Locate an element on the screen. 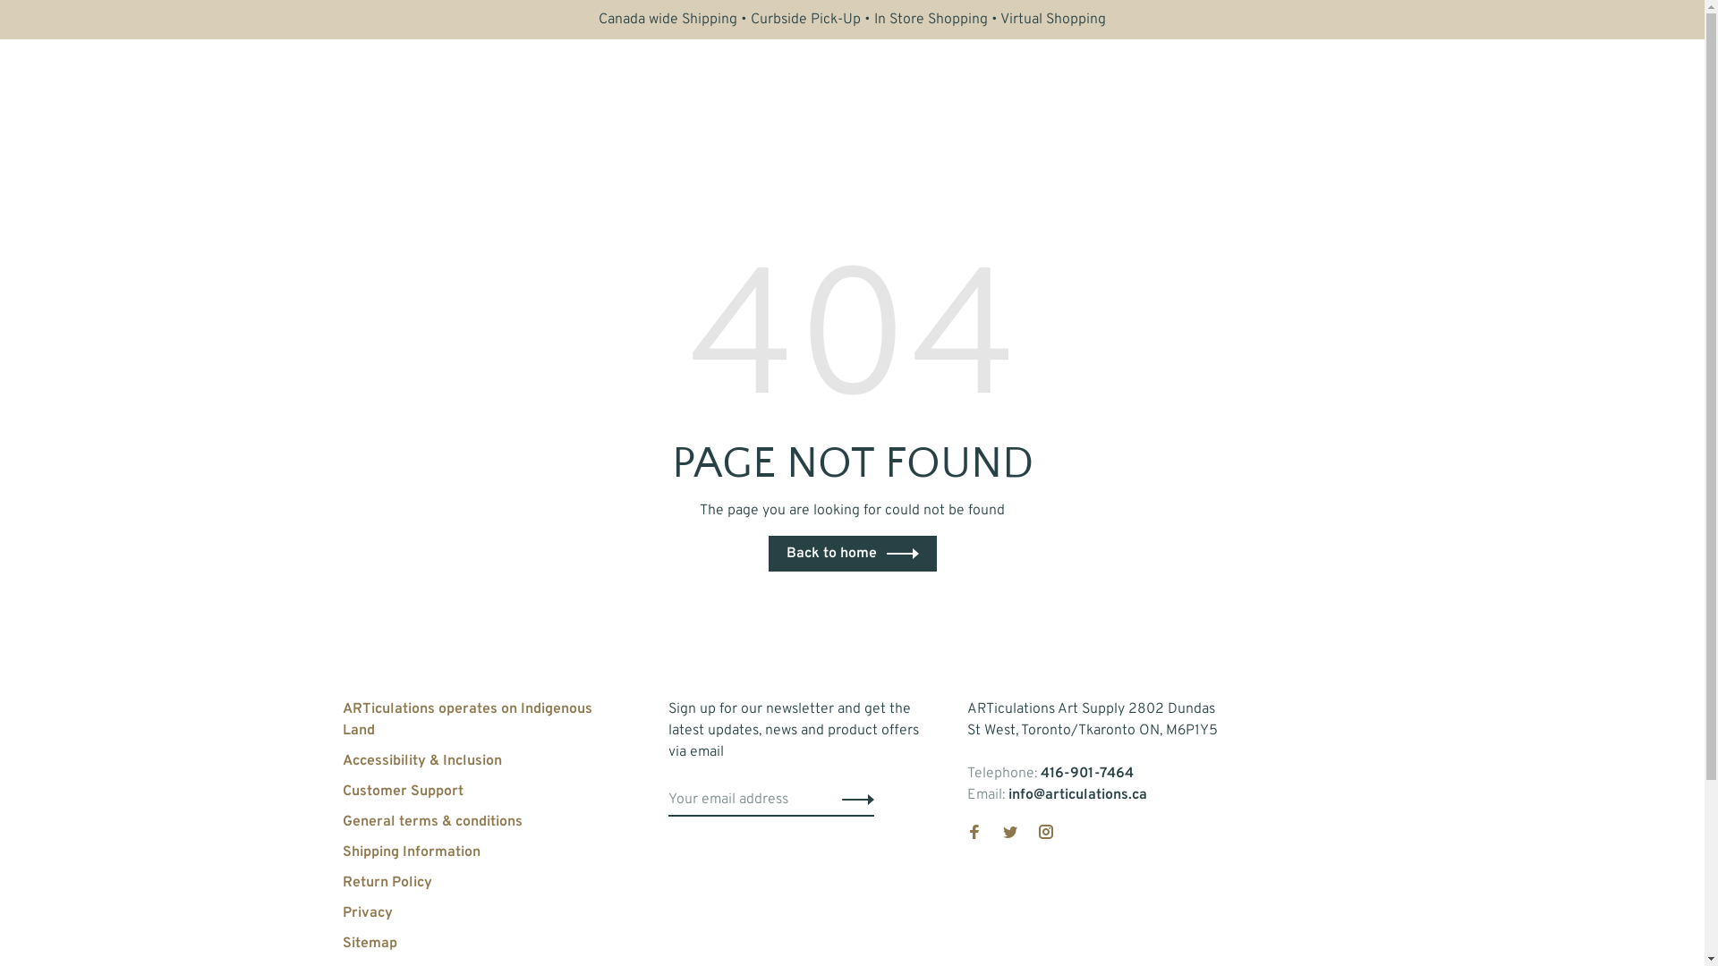 This screenshot has width=1718, height=966. 'Subscribe' is located at coordinates (852, 799).